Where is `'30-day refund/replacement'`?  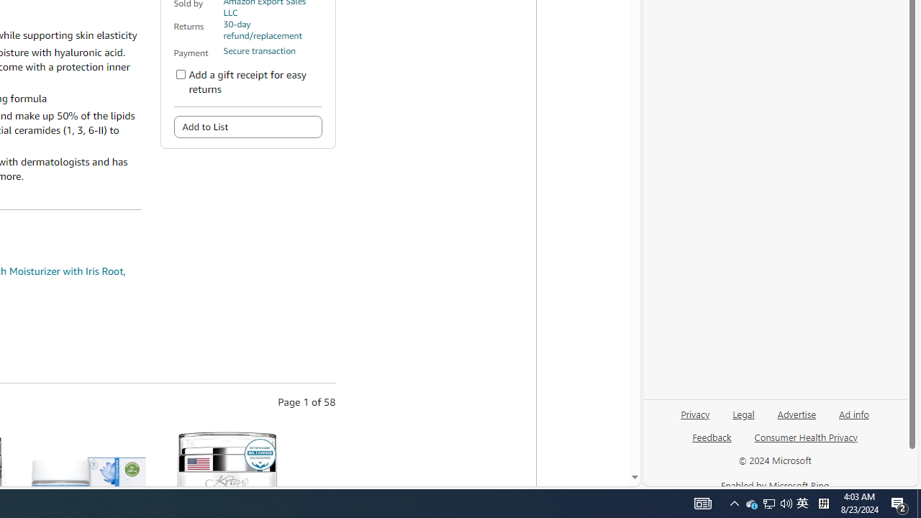 '30-day refund/replacement' is located at coordinates (272, 30).